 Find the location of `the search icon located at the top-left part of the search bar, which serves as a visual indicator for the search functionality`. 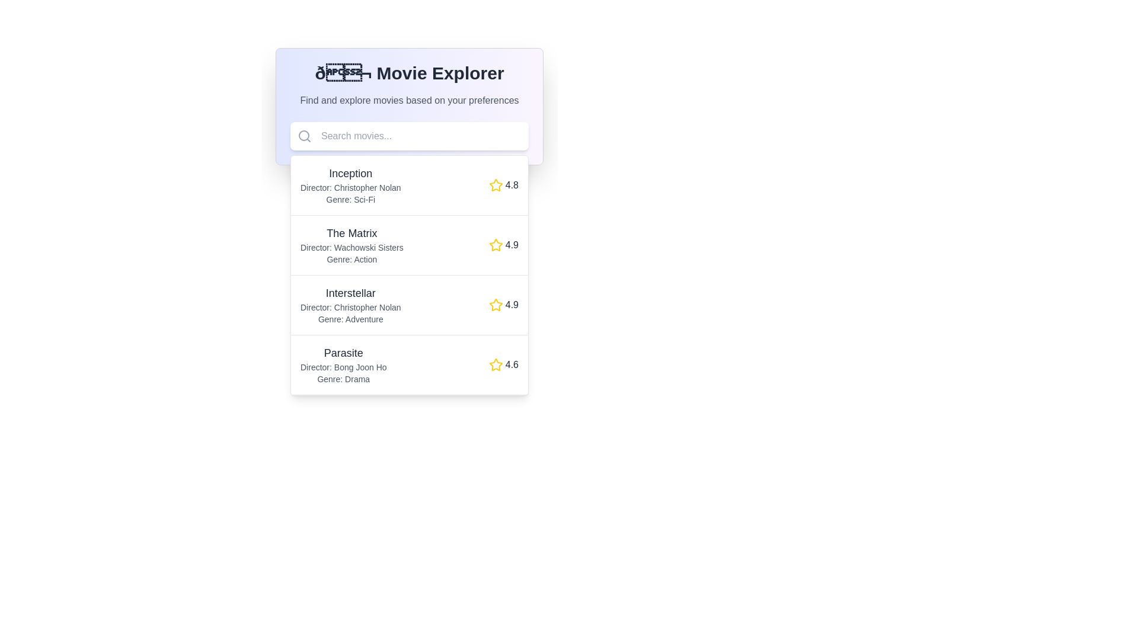

the search icon located at the top-left part of the search bar, which serves as a visual indicator for the search functionality is located at coordinates (304, 136).